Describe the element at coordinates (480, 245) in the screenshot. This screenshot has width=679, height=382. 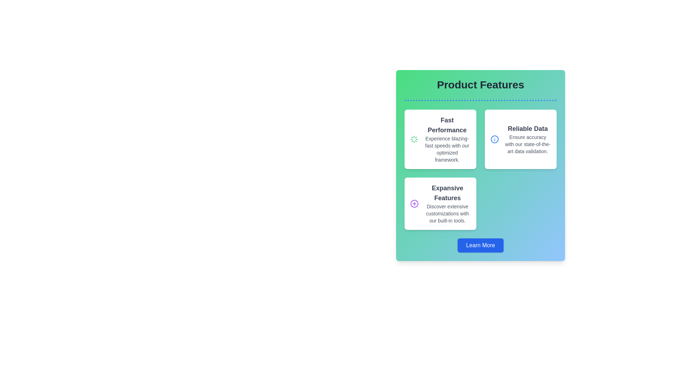
I see `the button located at the bottom center of the 'Product Features' card` at that location.